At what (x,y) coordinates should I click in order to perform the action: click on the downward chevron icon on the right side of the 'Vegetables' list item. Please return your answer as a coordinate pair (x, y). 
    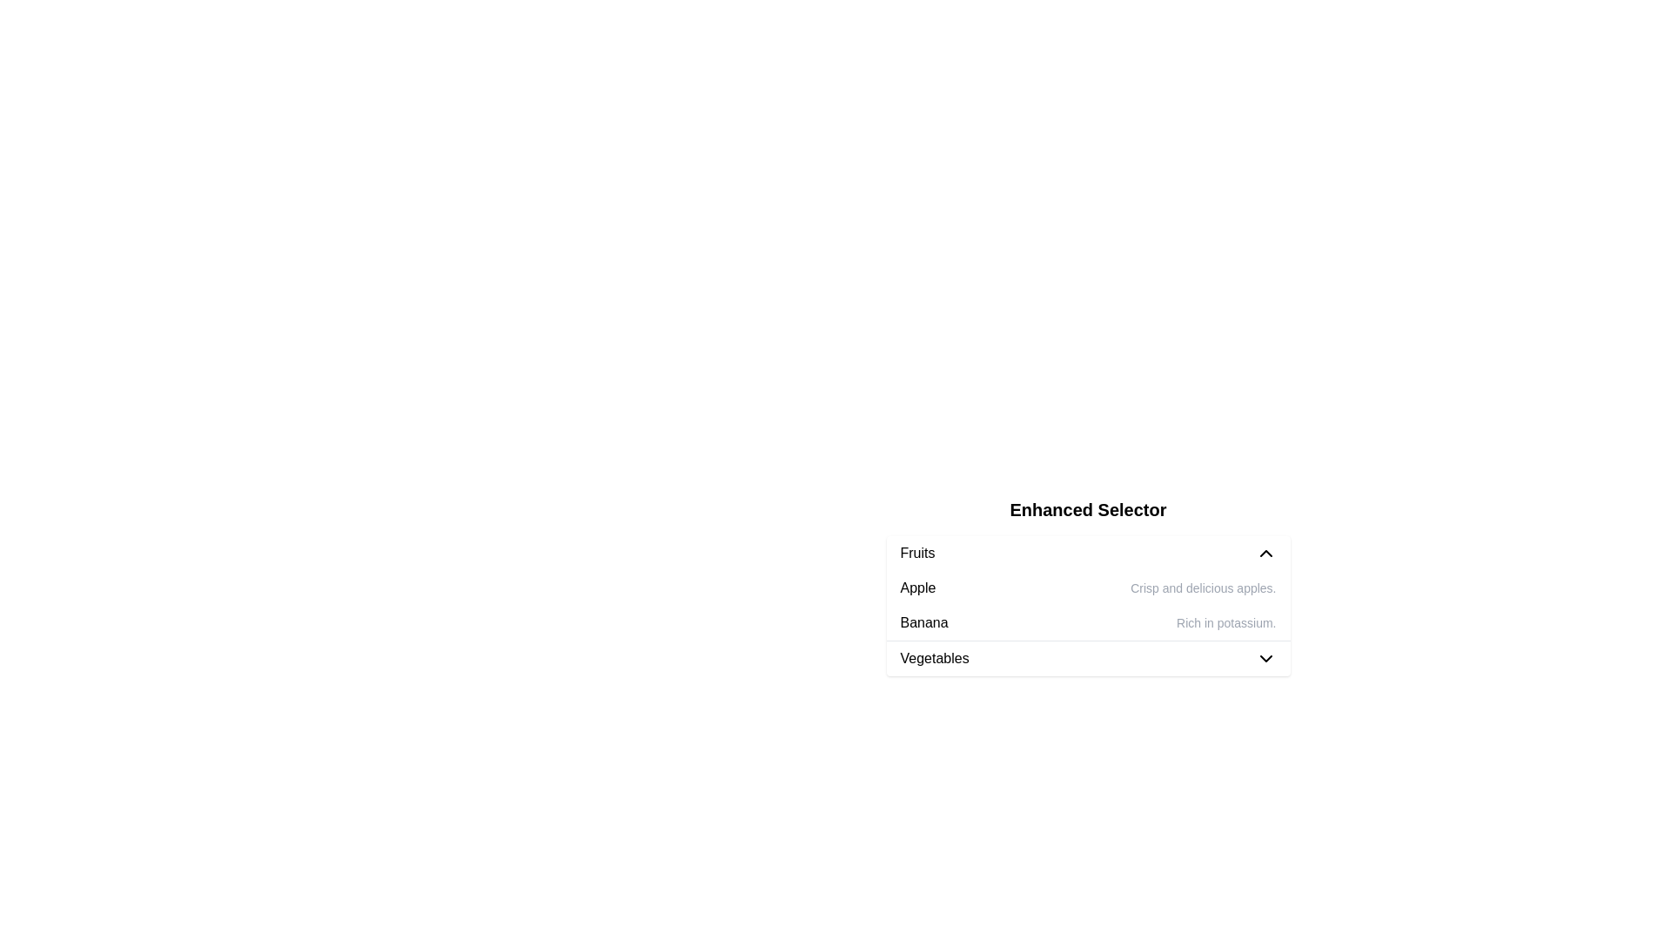
    Looking at the image, I should click on (1265, 658).